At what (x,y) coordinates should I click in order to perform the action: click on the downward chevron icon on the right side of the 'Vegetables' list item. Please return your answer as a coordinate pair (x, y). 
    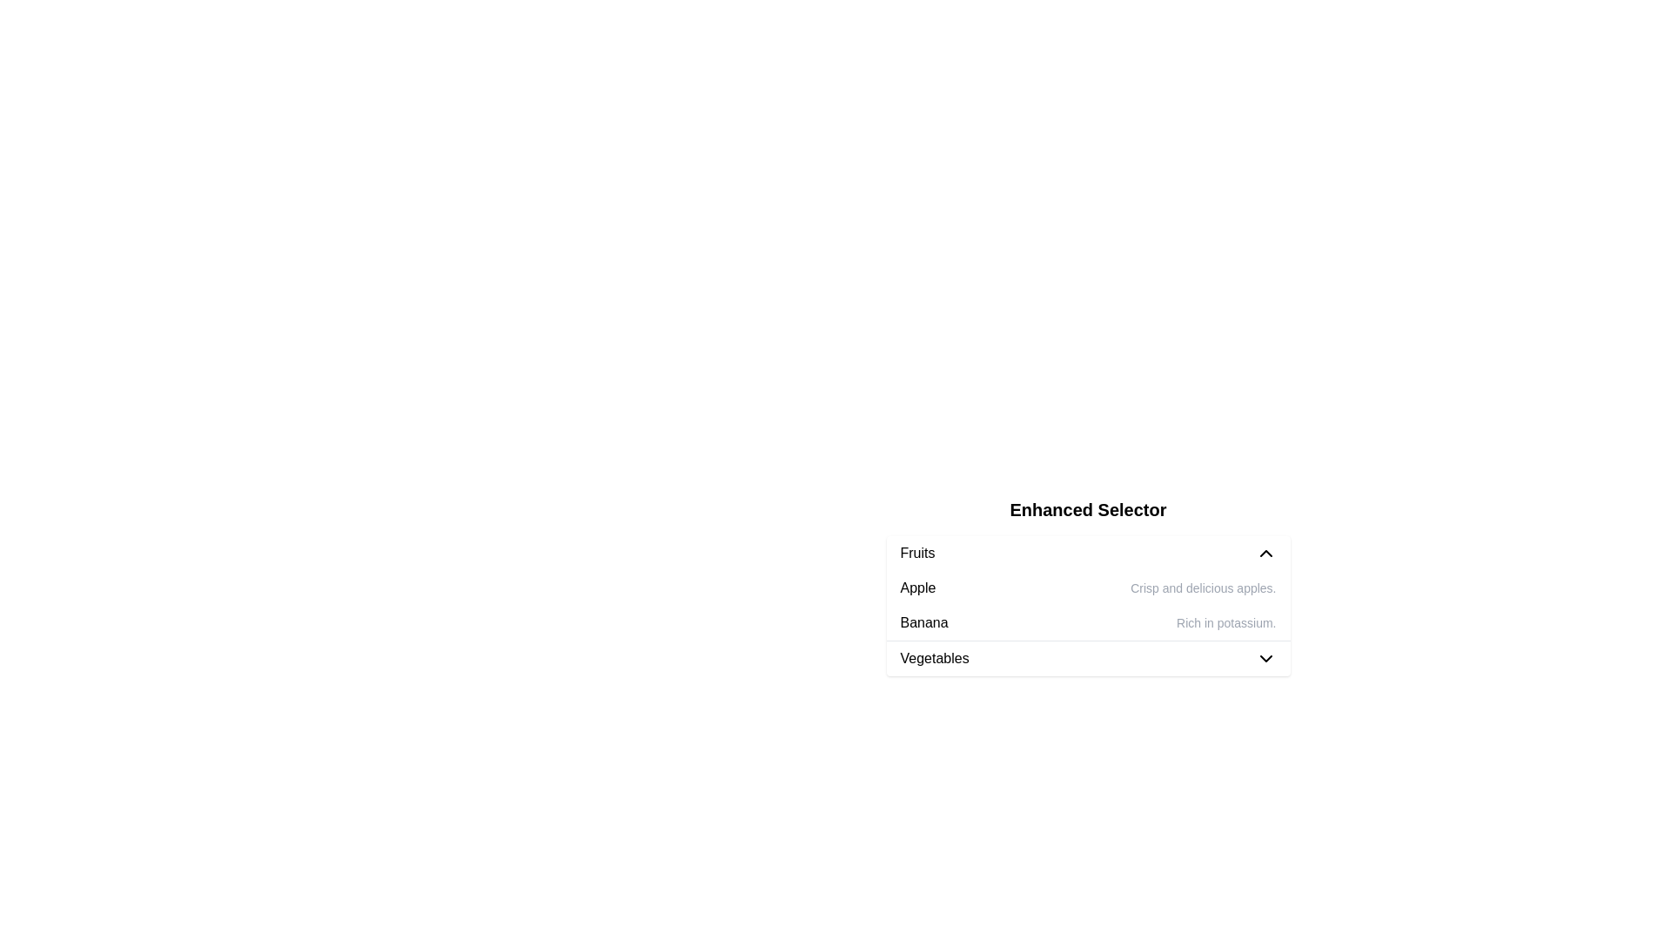
    Looking at the image, I should click on (1265, 658).